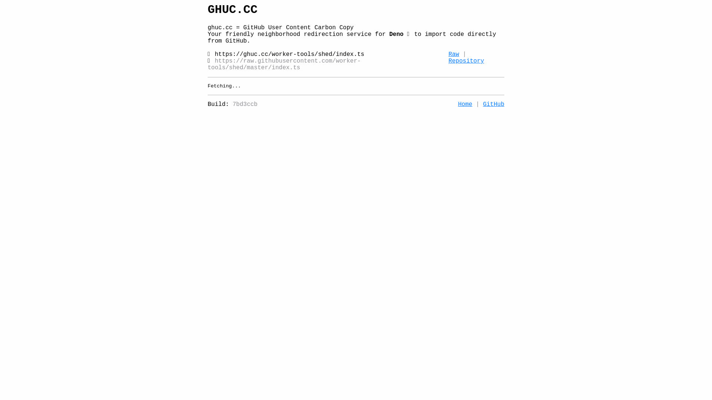 This screenshot has height=400, width=712. What do you see at coordinates (453, 54) in the screenshot?
I see `'Raw'` at bounding box center [453, 54].